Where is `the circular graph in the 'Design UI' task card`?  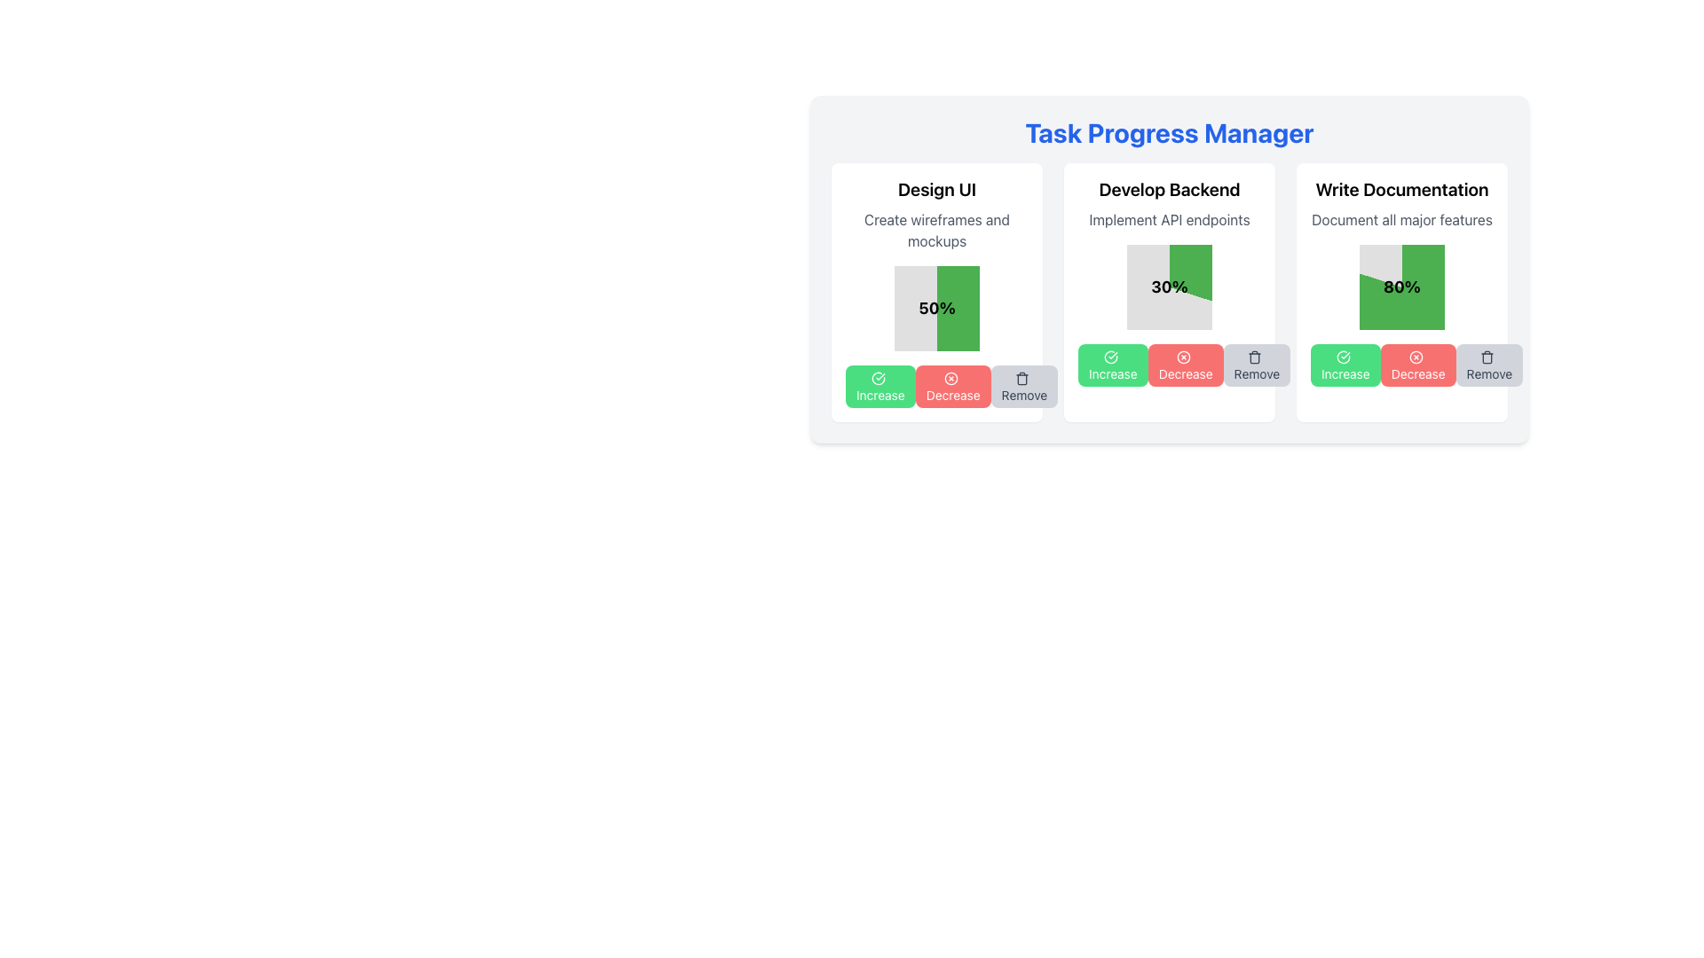 the circular graph in the 'Design UI' task card is located at coordinates (936, 292).